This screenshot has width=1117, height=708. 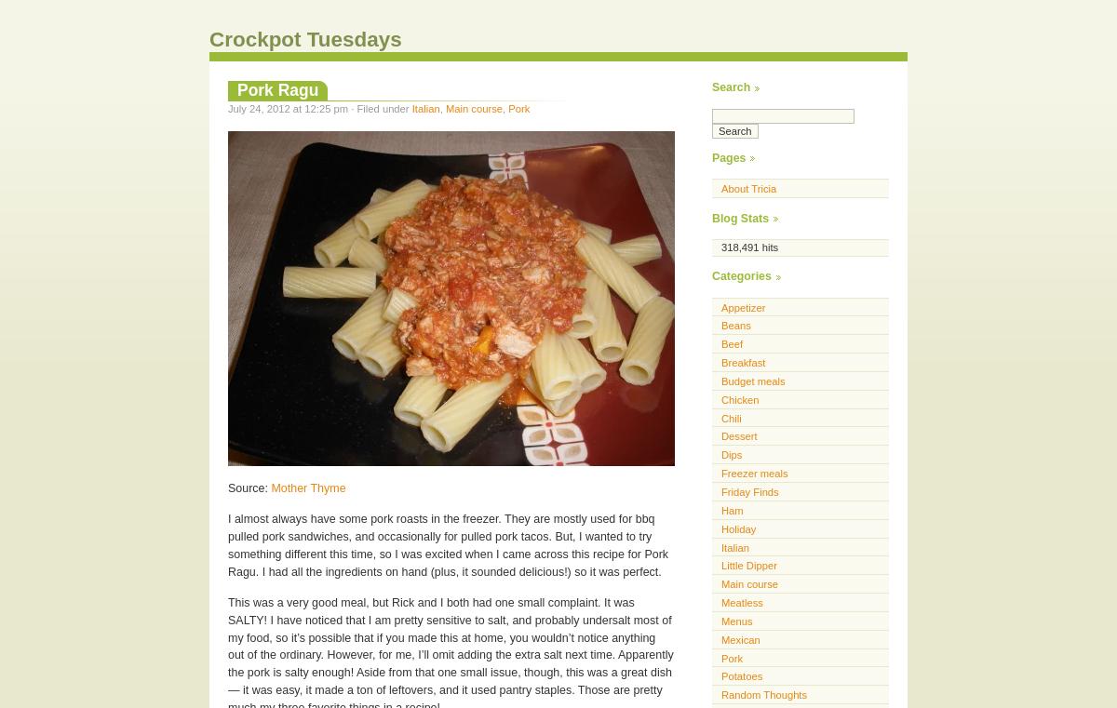 I want to click on 'Meatless', so click(x=720, y=601).